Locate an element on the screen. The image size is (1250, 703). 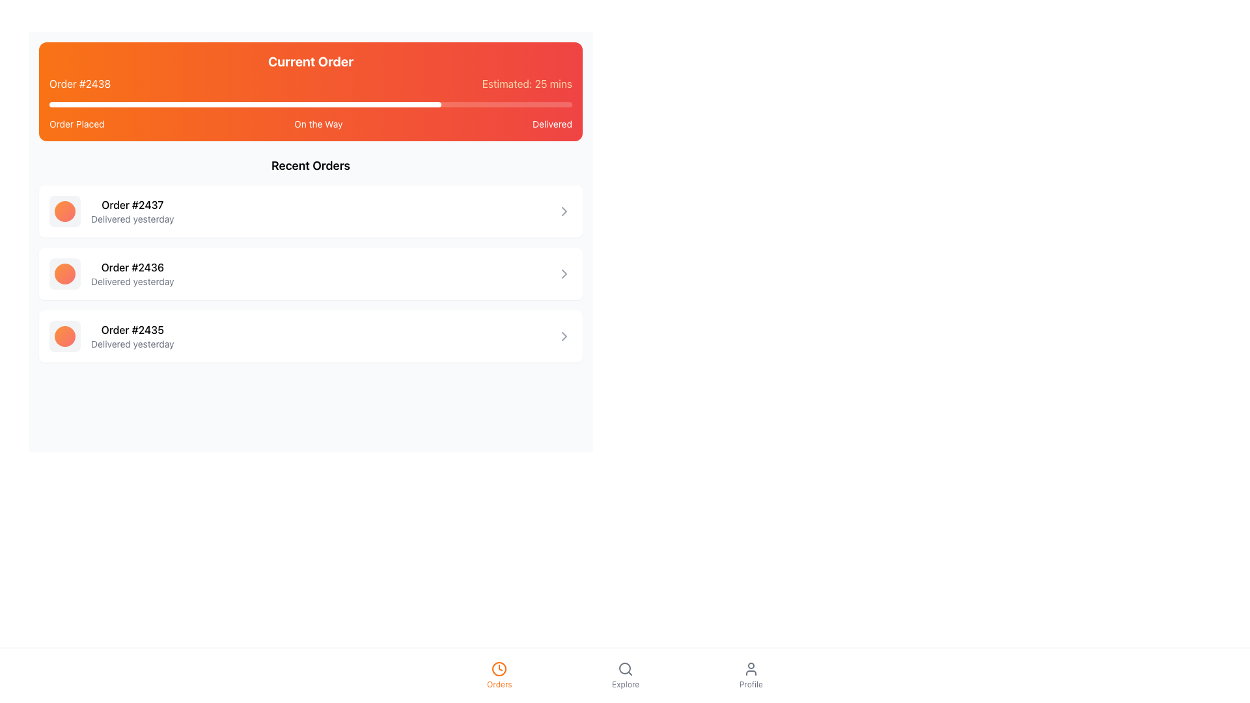
the circular gradient decorative element with orange to red coloration, located to the left of 'Order #2436 Delivered yesterday' is located at coordinates (64, 273).